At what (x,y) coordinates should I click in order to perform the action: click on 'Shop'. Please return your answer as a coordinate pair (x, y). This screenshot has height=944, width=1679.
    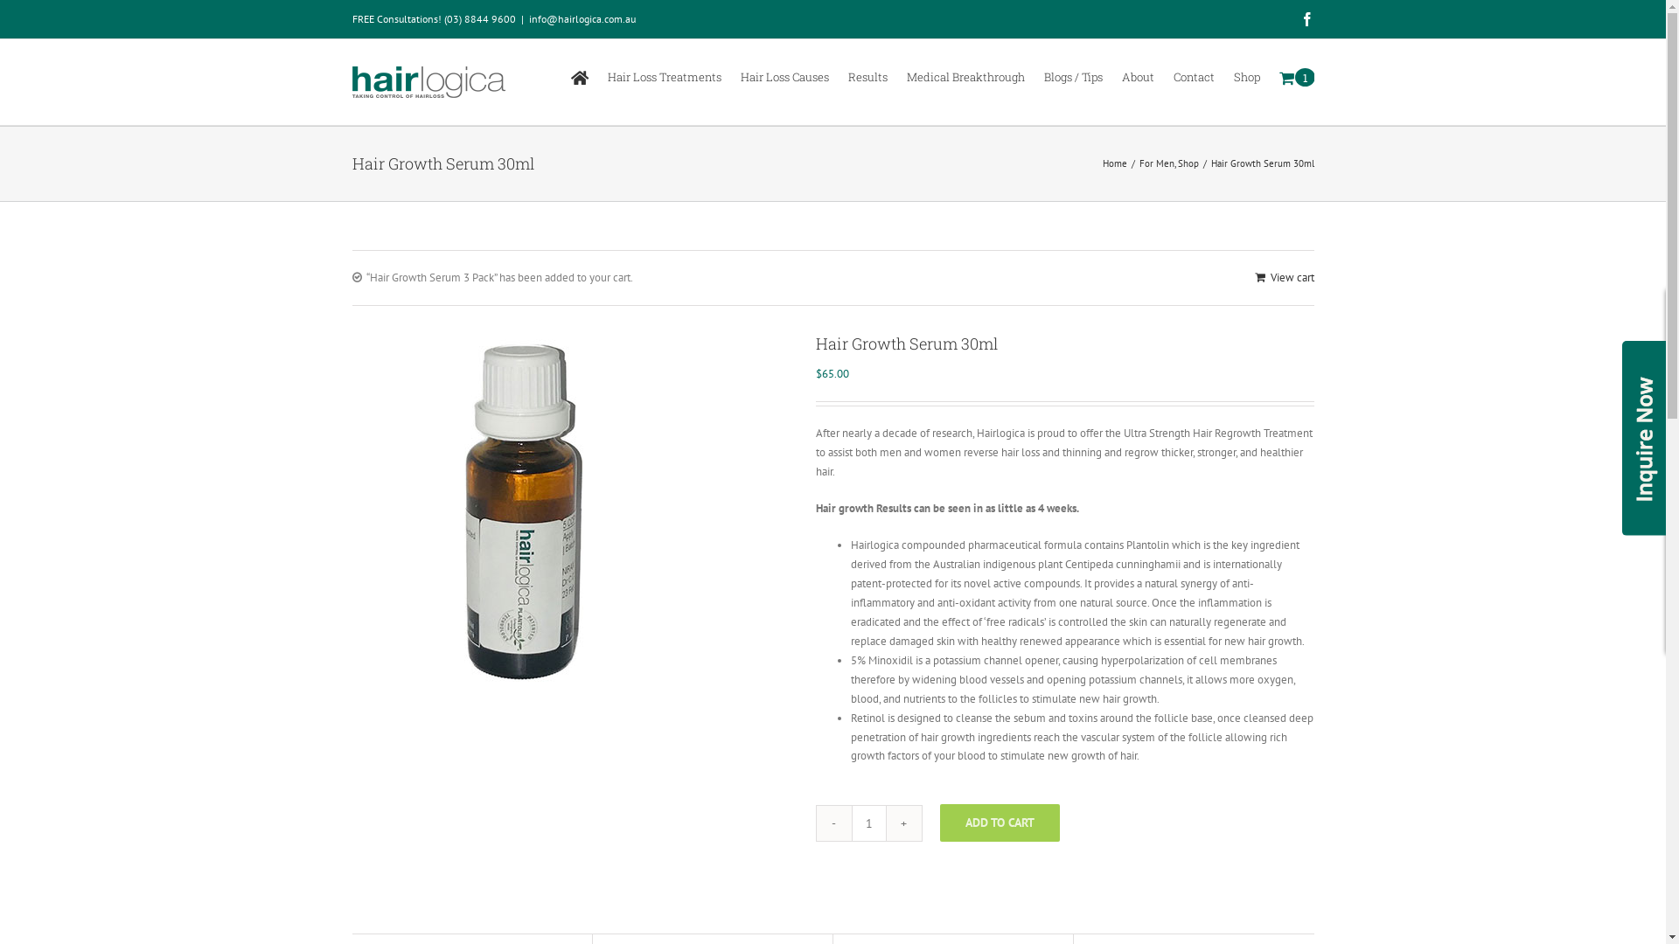
    Looking at the image, I should click on (1188, 163).